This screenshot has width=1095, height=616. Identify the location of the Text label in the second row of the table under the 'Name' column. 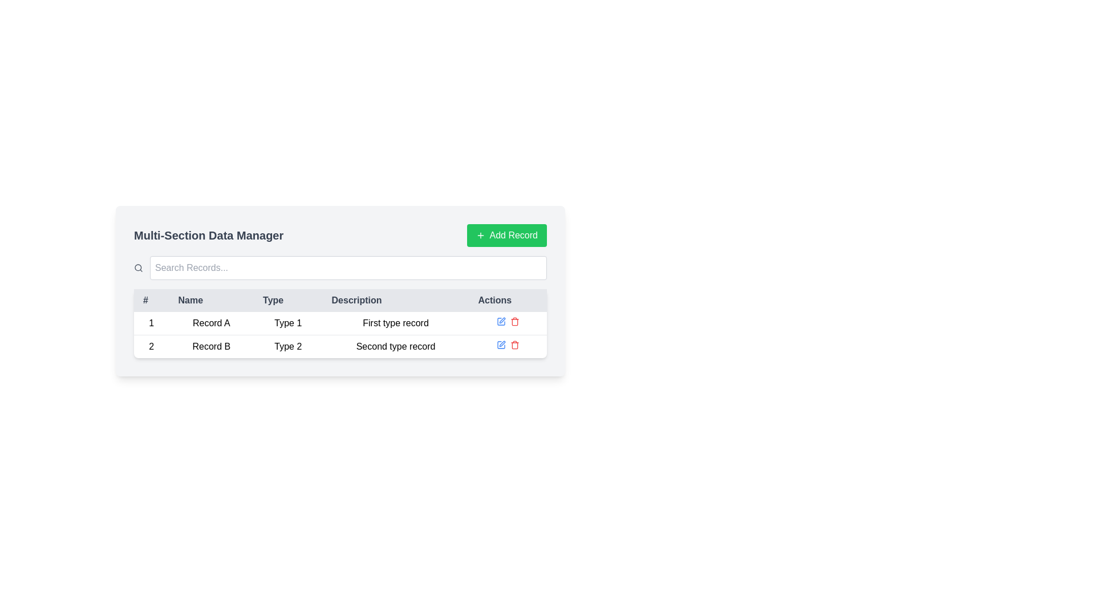
(211, 346).